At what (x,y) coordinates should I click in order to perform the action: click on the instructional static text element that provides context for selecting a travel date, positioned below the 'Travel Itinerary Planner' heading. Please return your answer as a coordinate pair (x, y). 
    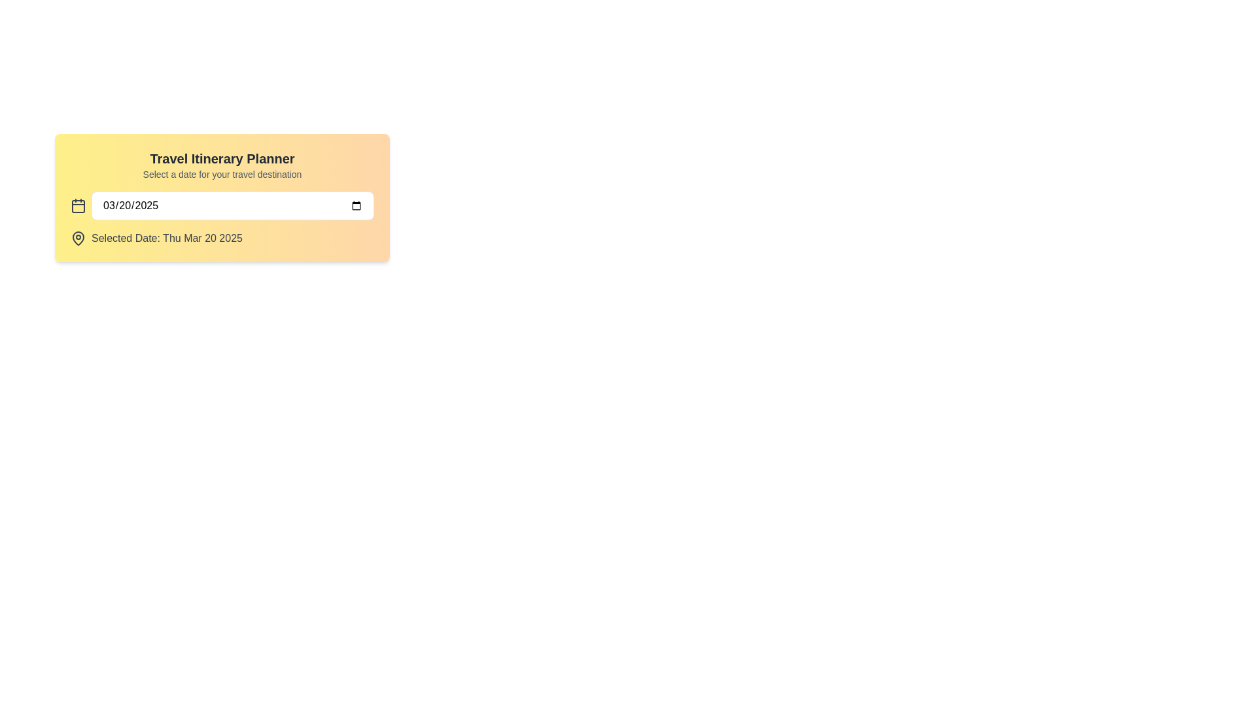
    Looking at the image, I should click on (222, 173).